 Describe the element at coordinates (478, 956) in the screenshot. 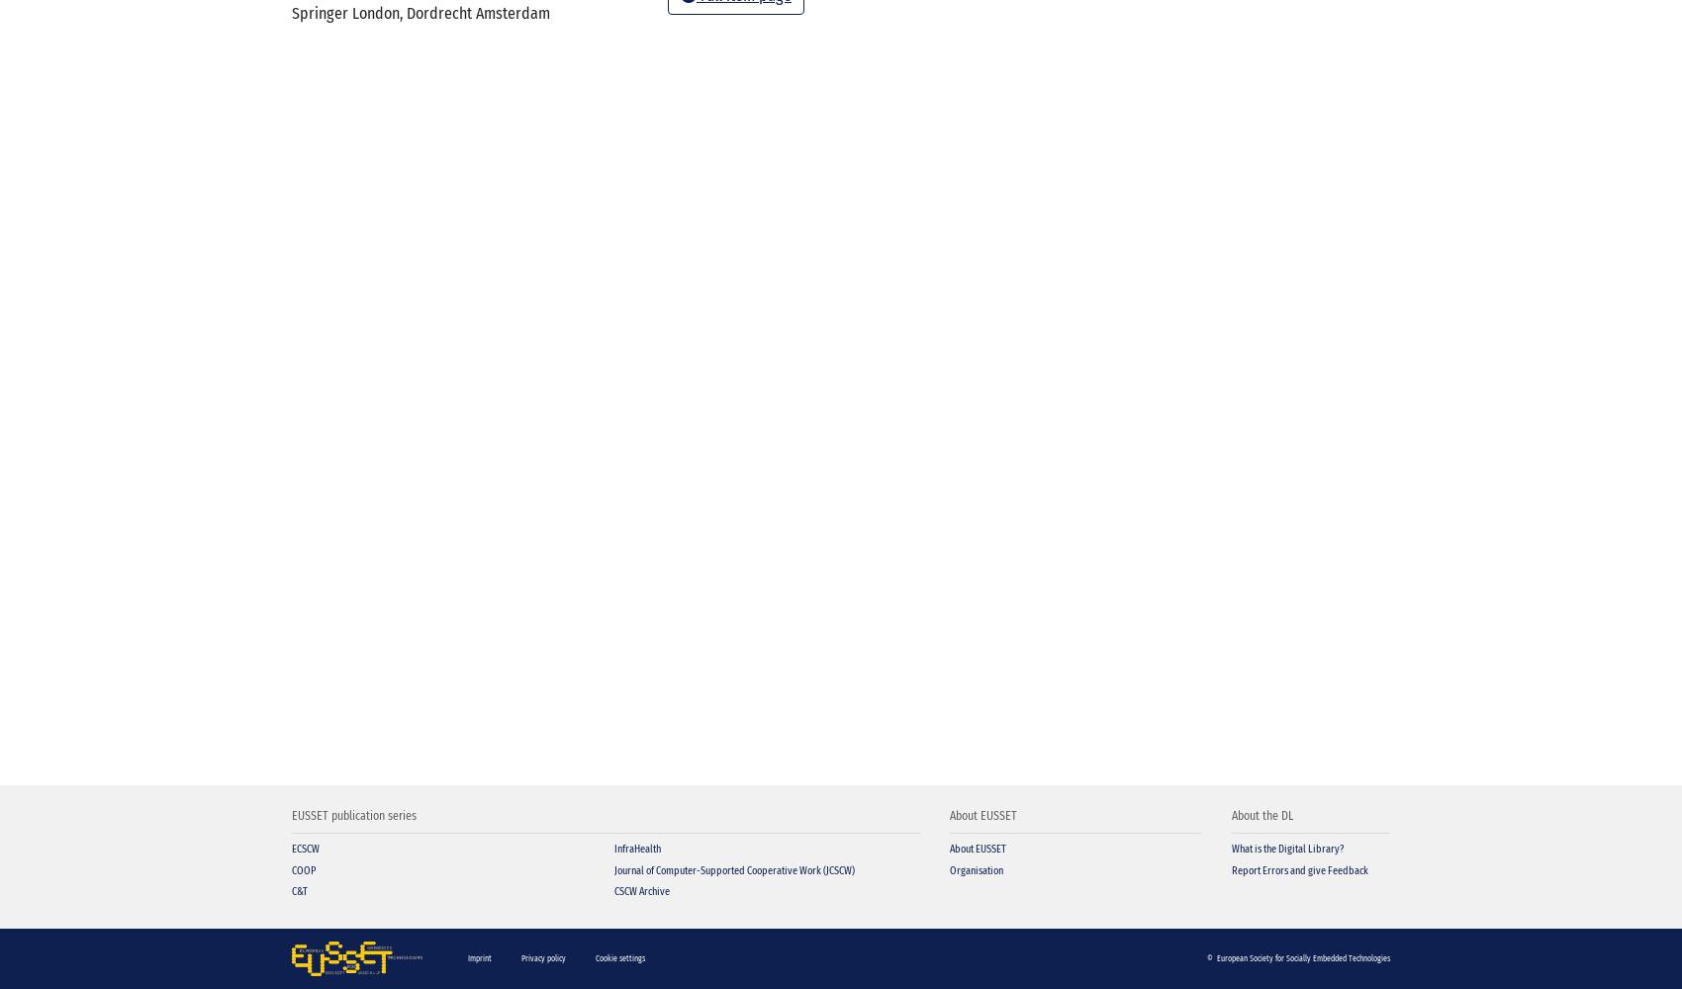

I see `'Imprint'` at that location.